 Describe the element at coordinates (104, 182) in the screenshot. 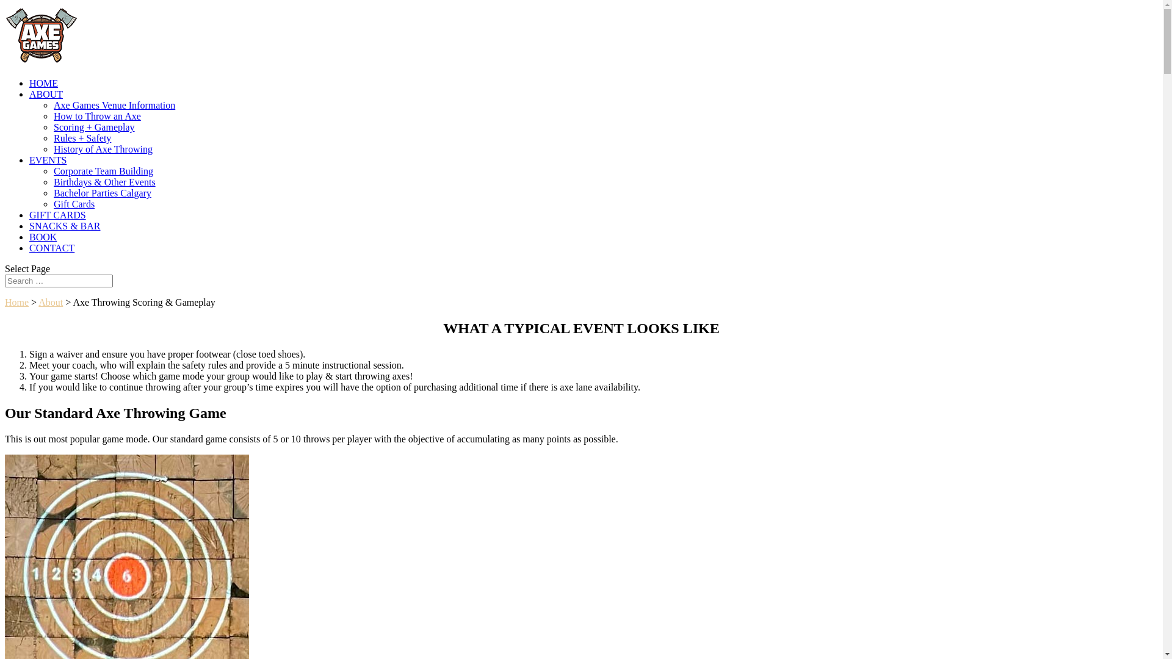

I see `'Birthdays & Other Events'` at that location.